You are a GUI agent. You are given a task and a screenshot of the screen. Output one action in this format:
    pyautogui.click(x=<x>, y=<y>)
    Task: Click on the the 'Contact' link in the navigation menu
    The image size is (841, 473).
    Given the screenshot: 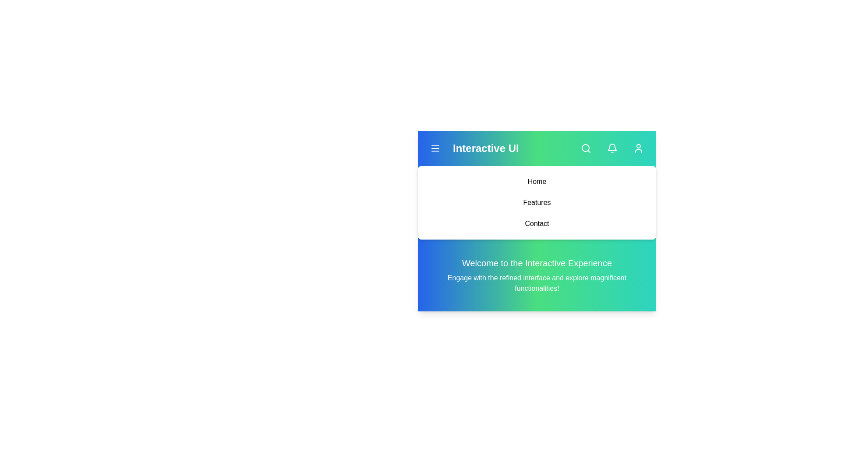 What is the action you would take?
    pyautogui.click(x=536, y=223)
    